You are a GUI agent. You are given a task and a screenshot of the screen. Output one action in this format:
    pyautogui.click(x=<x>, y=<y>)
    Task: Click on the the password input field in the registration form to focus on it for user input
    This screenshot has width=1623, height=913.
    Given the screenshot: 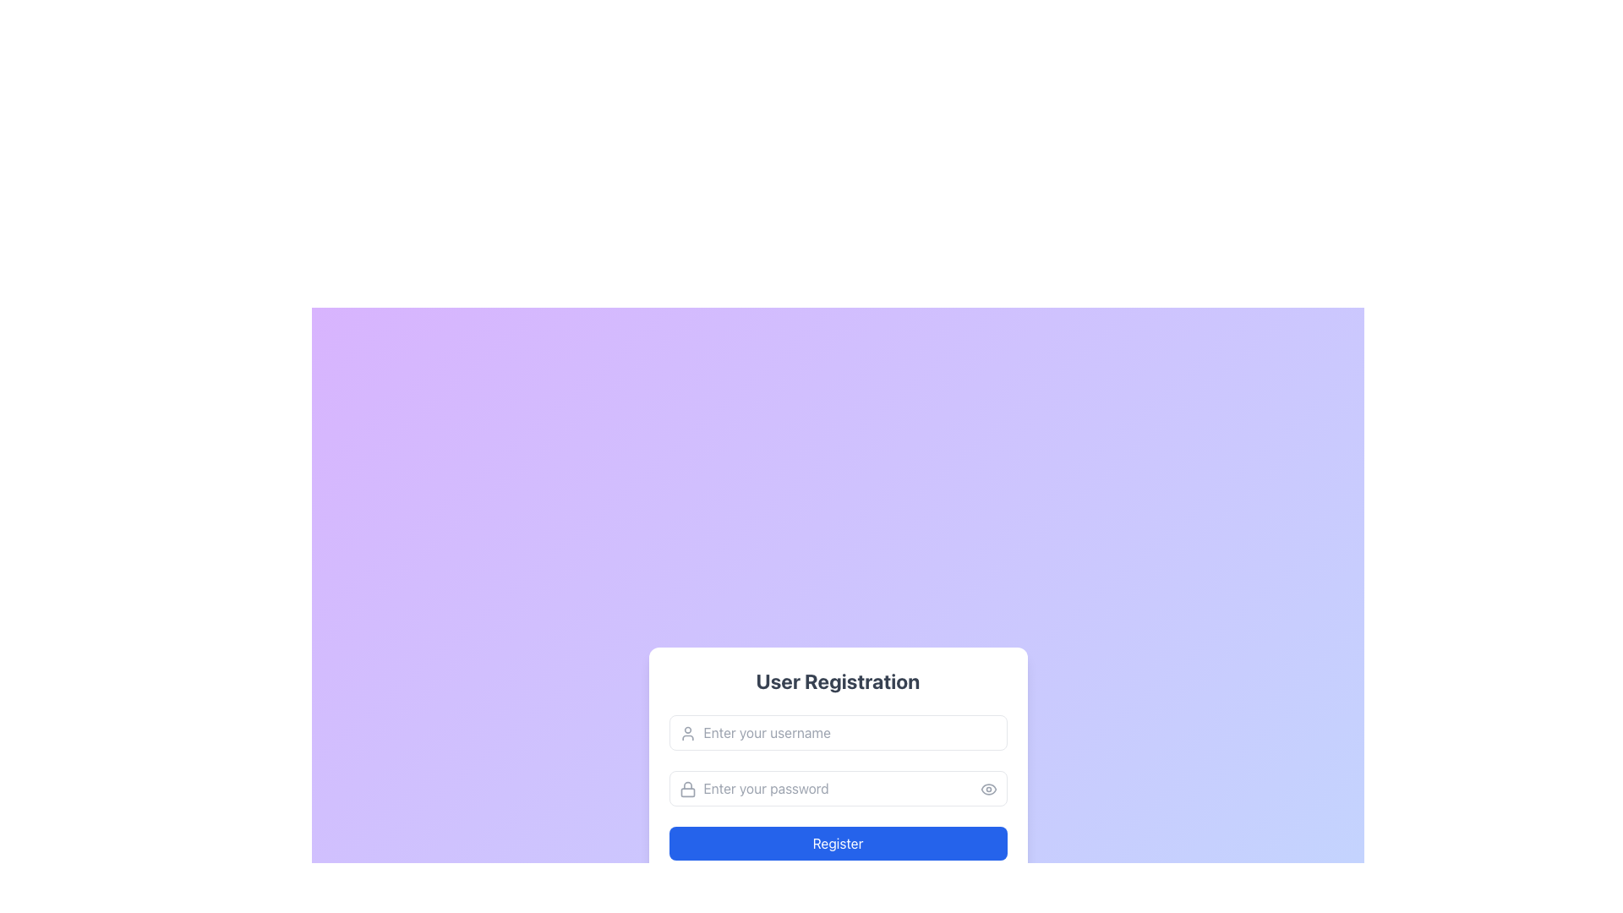 What is the action you would take?
    pyautogui.click(x=838, y=789)
    